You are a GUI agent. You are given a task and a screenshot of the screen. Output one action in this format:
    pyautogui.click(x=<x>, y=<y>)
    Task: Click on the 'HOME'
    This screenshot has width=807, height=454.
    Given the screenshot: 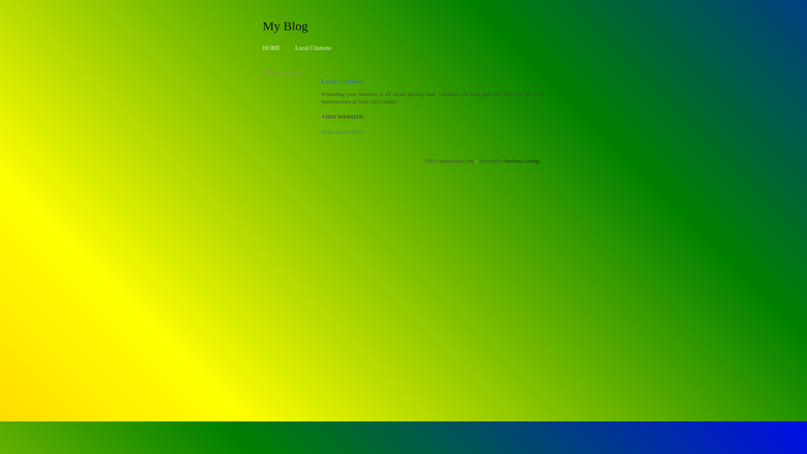 What is the action you would take?
    pyautogui.click(x=271, y=48)
    